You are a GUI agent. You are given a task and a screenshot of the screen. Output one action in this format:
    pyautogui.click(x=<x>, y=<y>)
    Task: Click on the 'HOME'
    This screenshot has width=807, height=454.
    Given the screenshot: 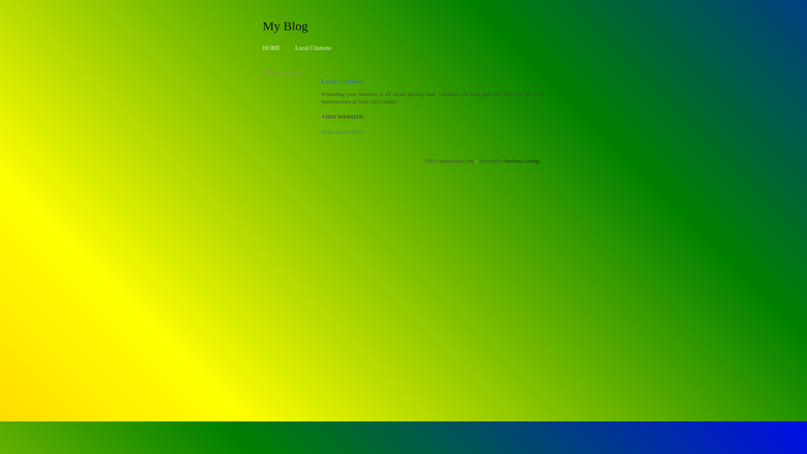 What is the action you would take?
    pyautogui.click(x=271, y=48)
    